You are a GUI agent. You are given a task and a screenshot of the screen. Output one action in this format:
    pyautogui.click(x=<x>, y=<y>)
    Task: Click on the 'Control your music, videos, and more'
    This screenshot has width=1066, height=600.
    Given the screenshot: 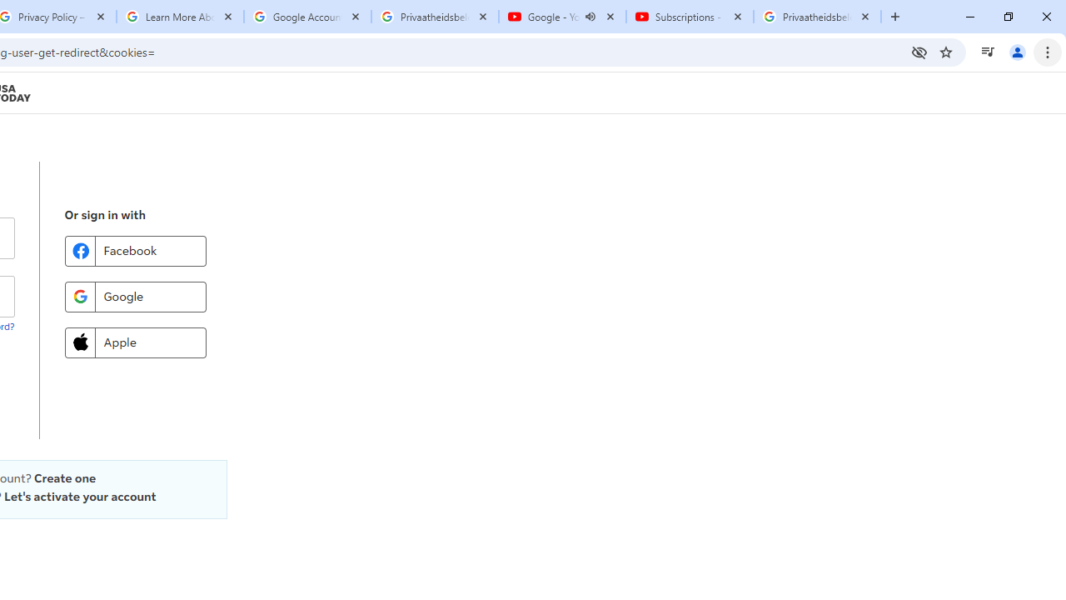 What is the action you would take?
    pyautogui.click(x=987, y=51)
    